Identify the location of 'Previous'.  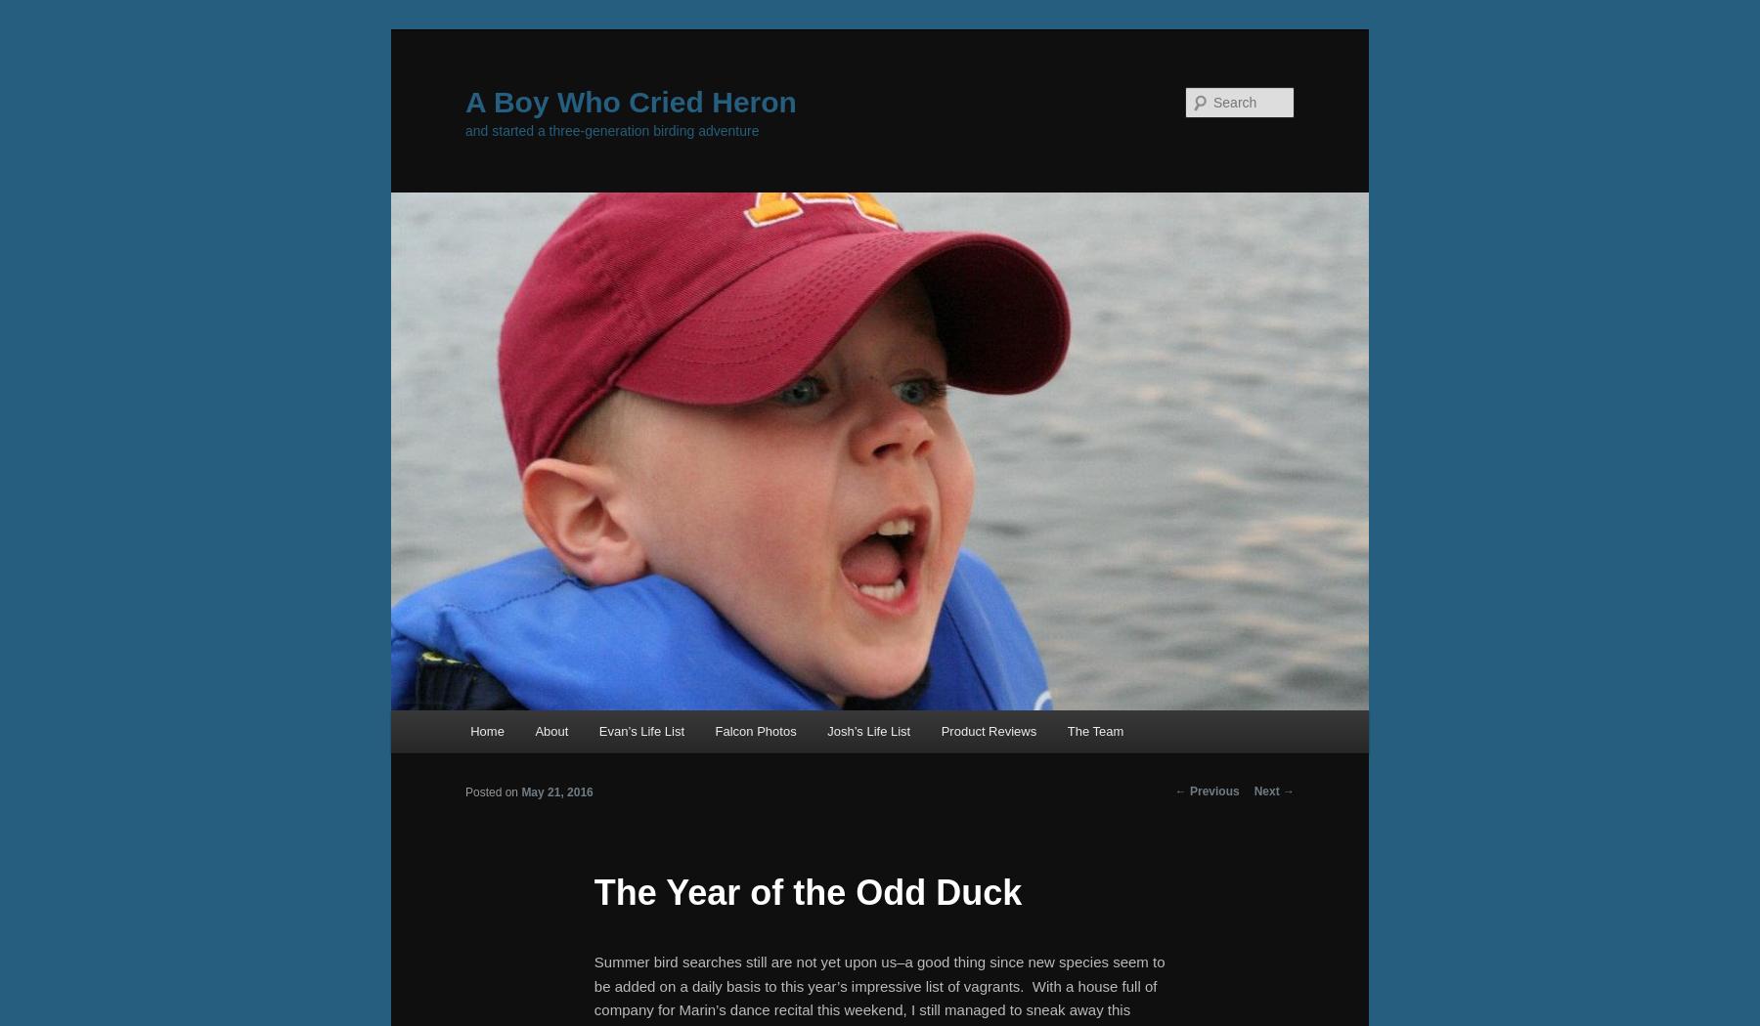
(1212, 790).